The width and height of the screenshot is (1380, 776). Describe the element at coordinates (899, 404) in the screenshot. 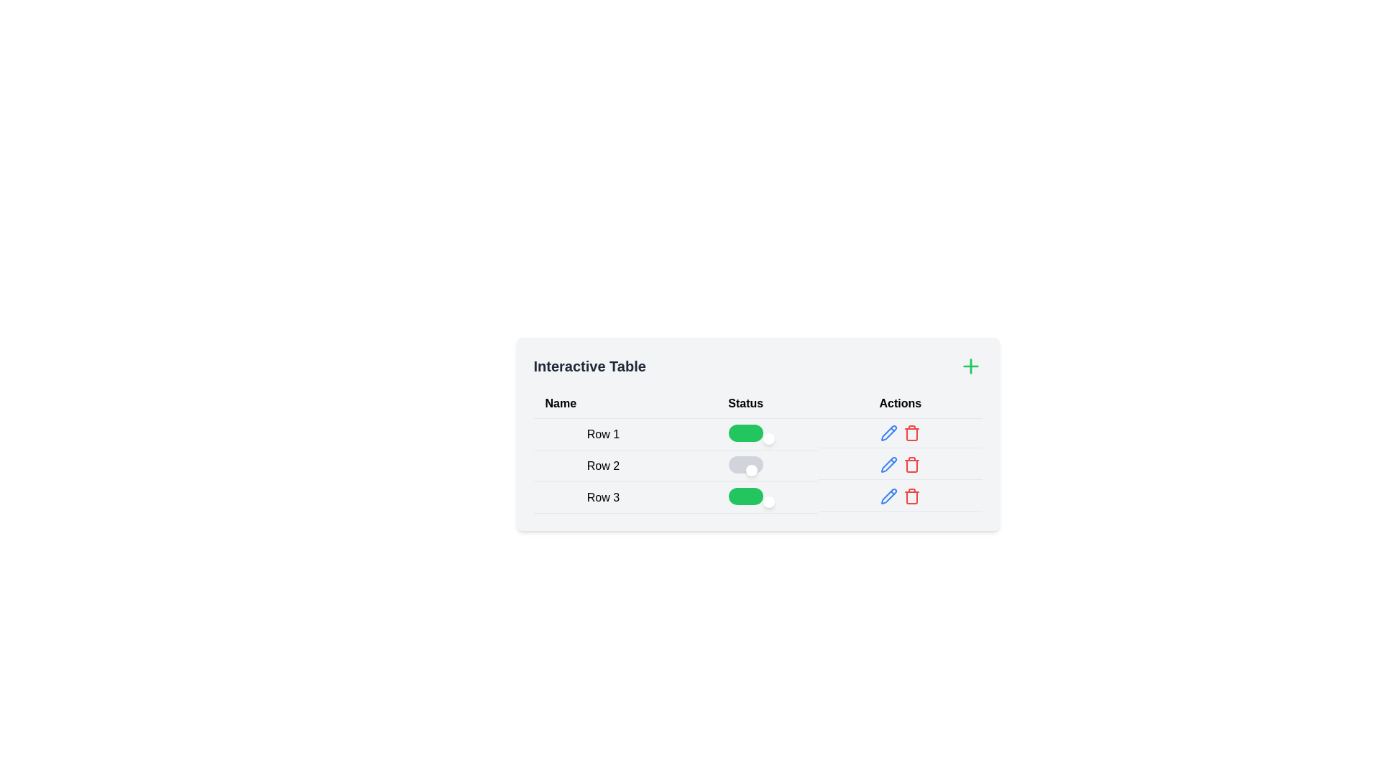

I see `the 'Actions' table column header, which is styled with centered black text on a light gray background, positioned as the third column header in the table` at that location.